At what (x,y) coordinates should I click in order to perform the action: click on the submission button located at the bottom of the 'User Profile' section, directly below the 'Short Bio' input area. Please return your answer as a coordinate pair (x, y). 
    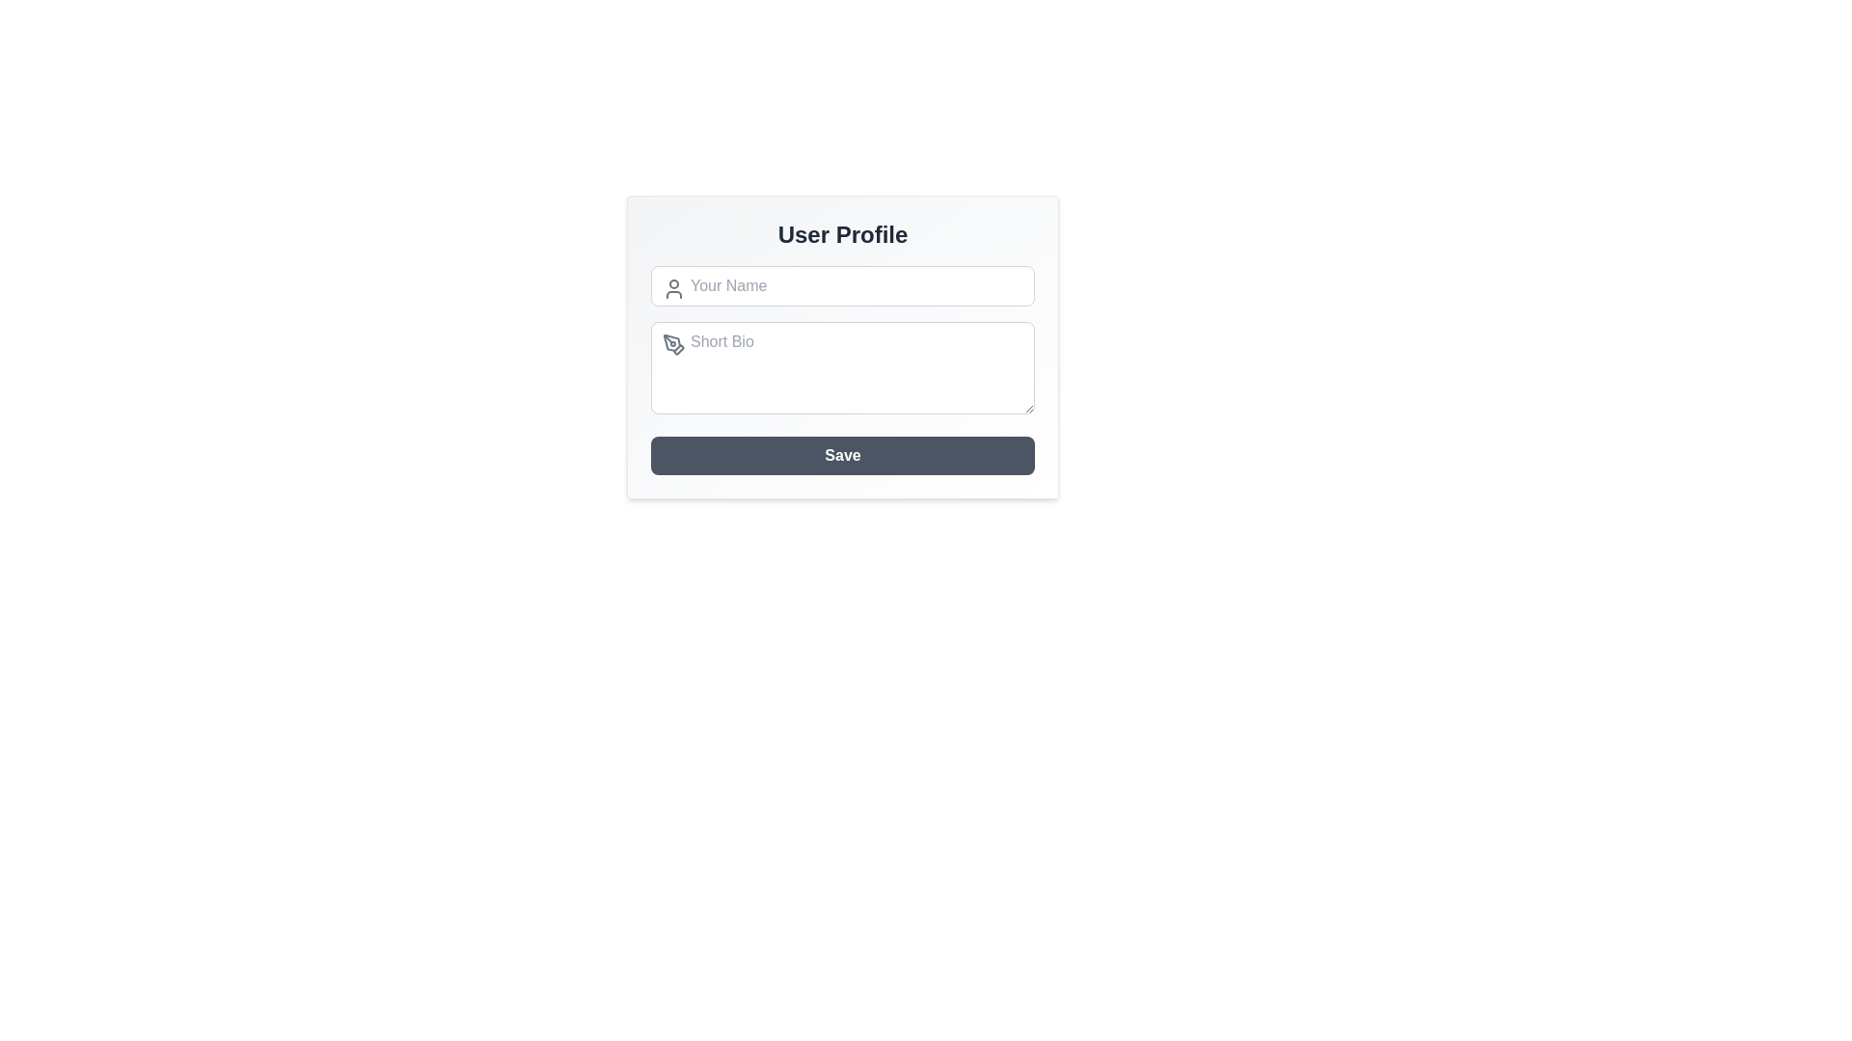
    Looking at the image, I should click on (842, 456).